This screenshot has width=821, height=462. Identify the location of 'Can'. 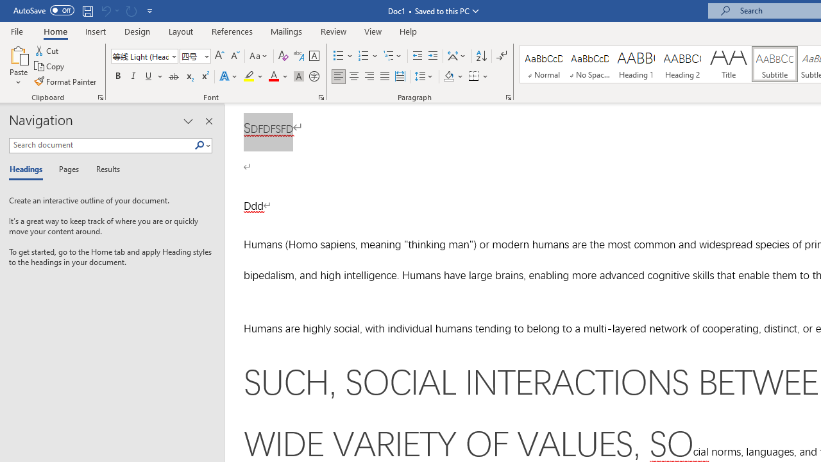
(131, 10).